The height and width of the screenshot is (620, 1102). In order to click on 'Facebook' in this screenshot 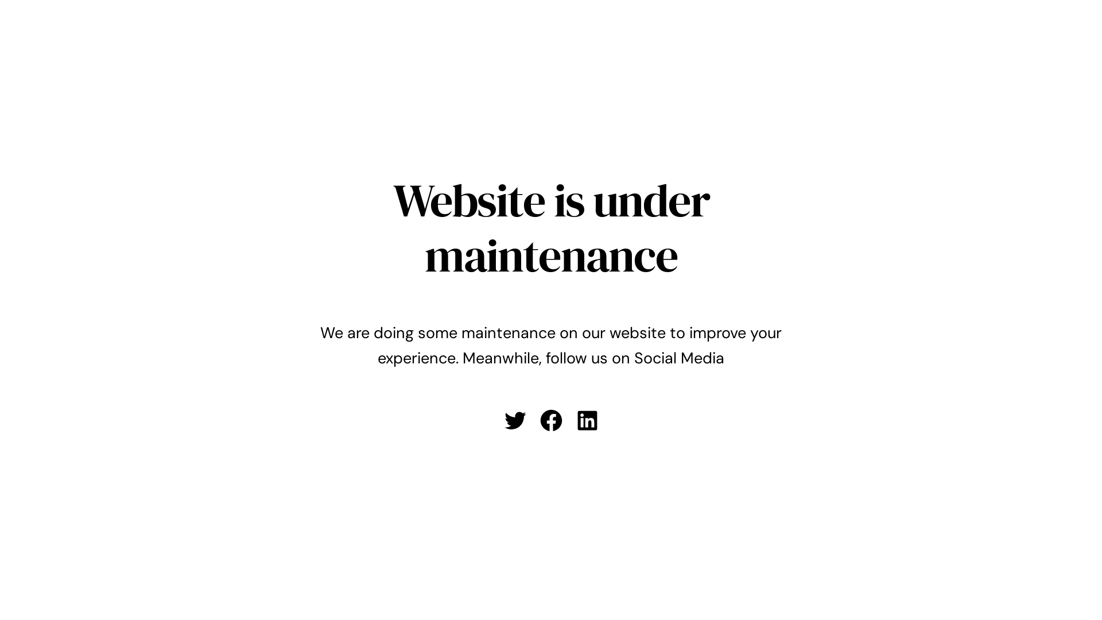, I will do `click(551, 420)`.